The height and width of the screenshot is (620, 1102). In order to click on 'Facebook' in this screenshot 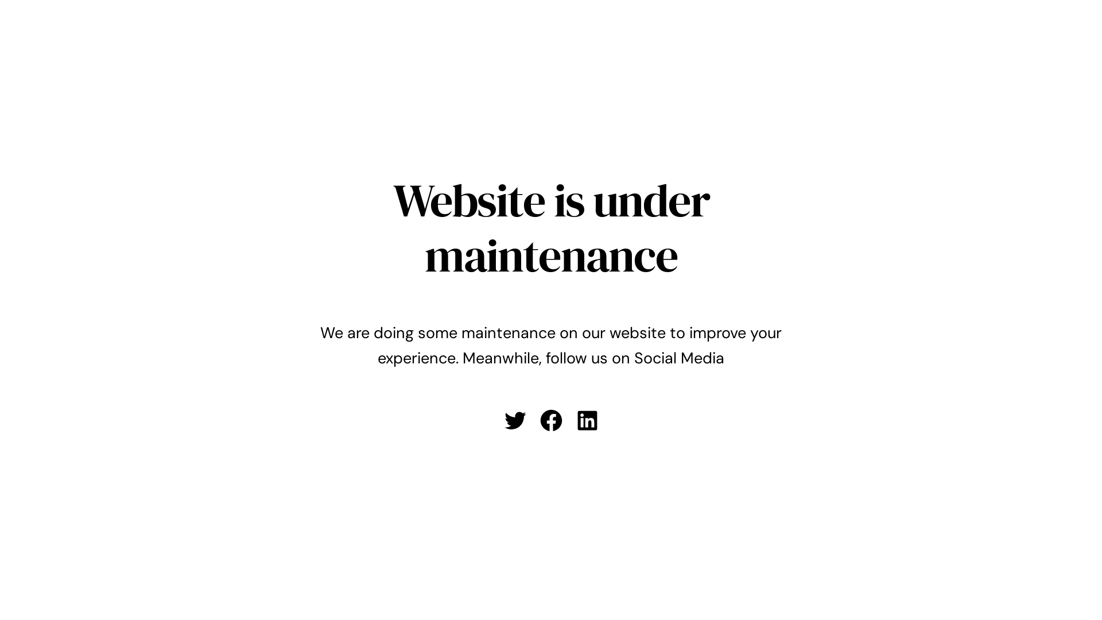, I will do `click(551, 420)`.